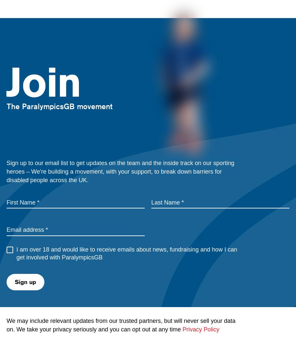  Describe the element at coordinates (25, 230) in the screenshot. I see `'Email address'` at that location.